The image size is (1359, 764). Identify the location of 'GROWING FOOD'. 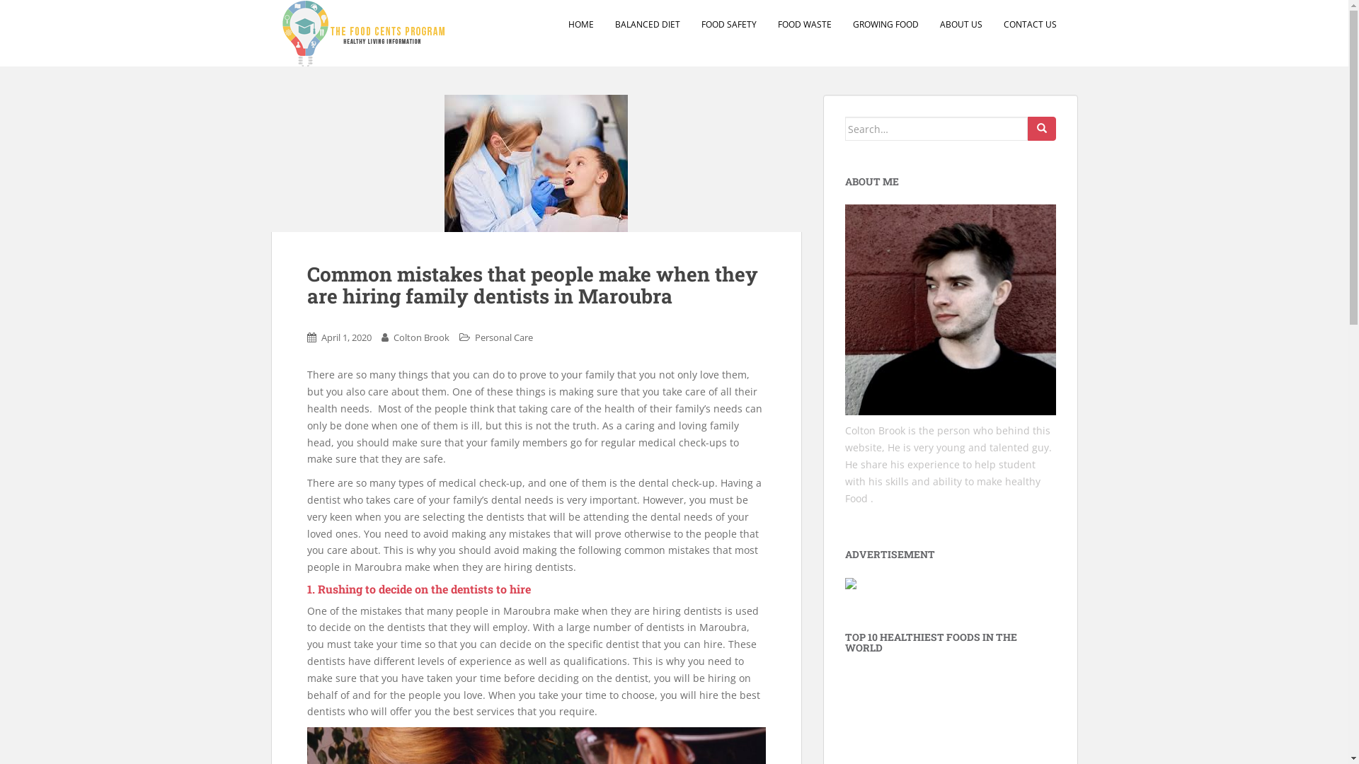
(884, 24).